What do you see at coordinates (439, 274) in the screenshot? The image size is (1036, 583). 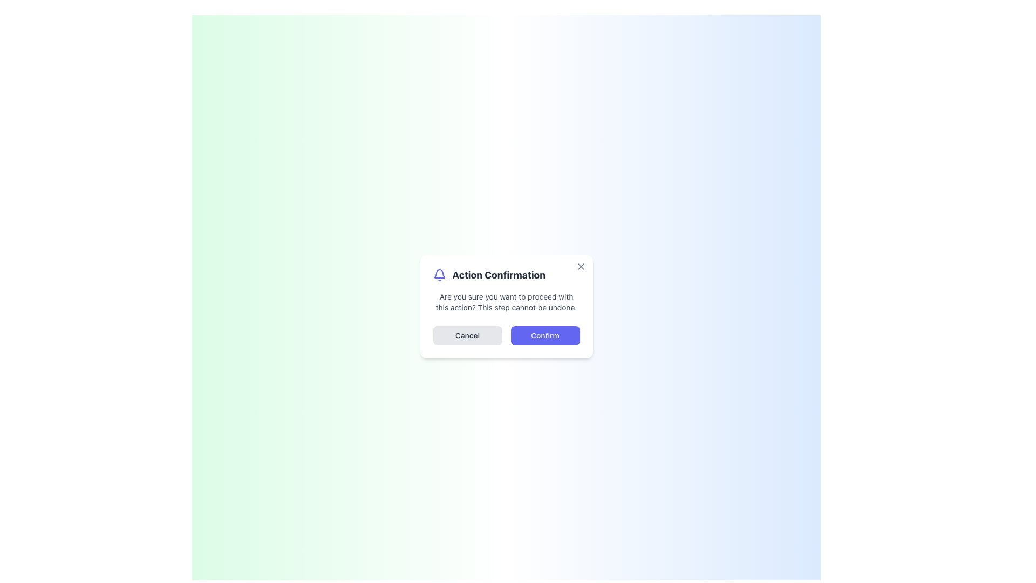 I see `the notification icon (SVG image) located to the left of the 'Action Confirmation' text at the top of the modal` at bounding box center [439, 274].